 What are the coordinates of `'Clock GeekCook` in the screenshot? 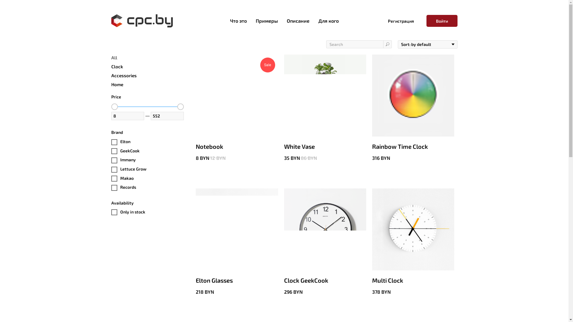 It's located at (325, 242).